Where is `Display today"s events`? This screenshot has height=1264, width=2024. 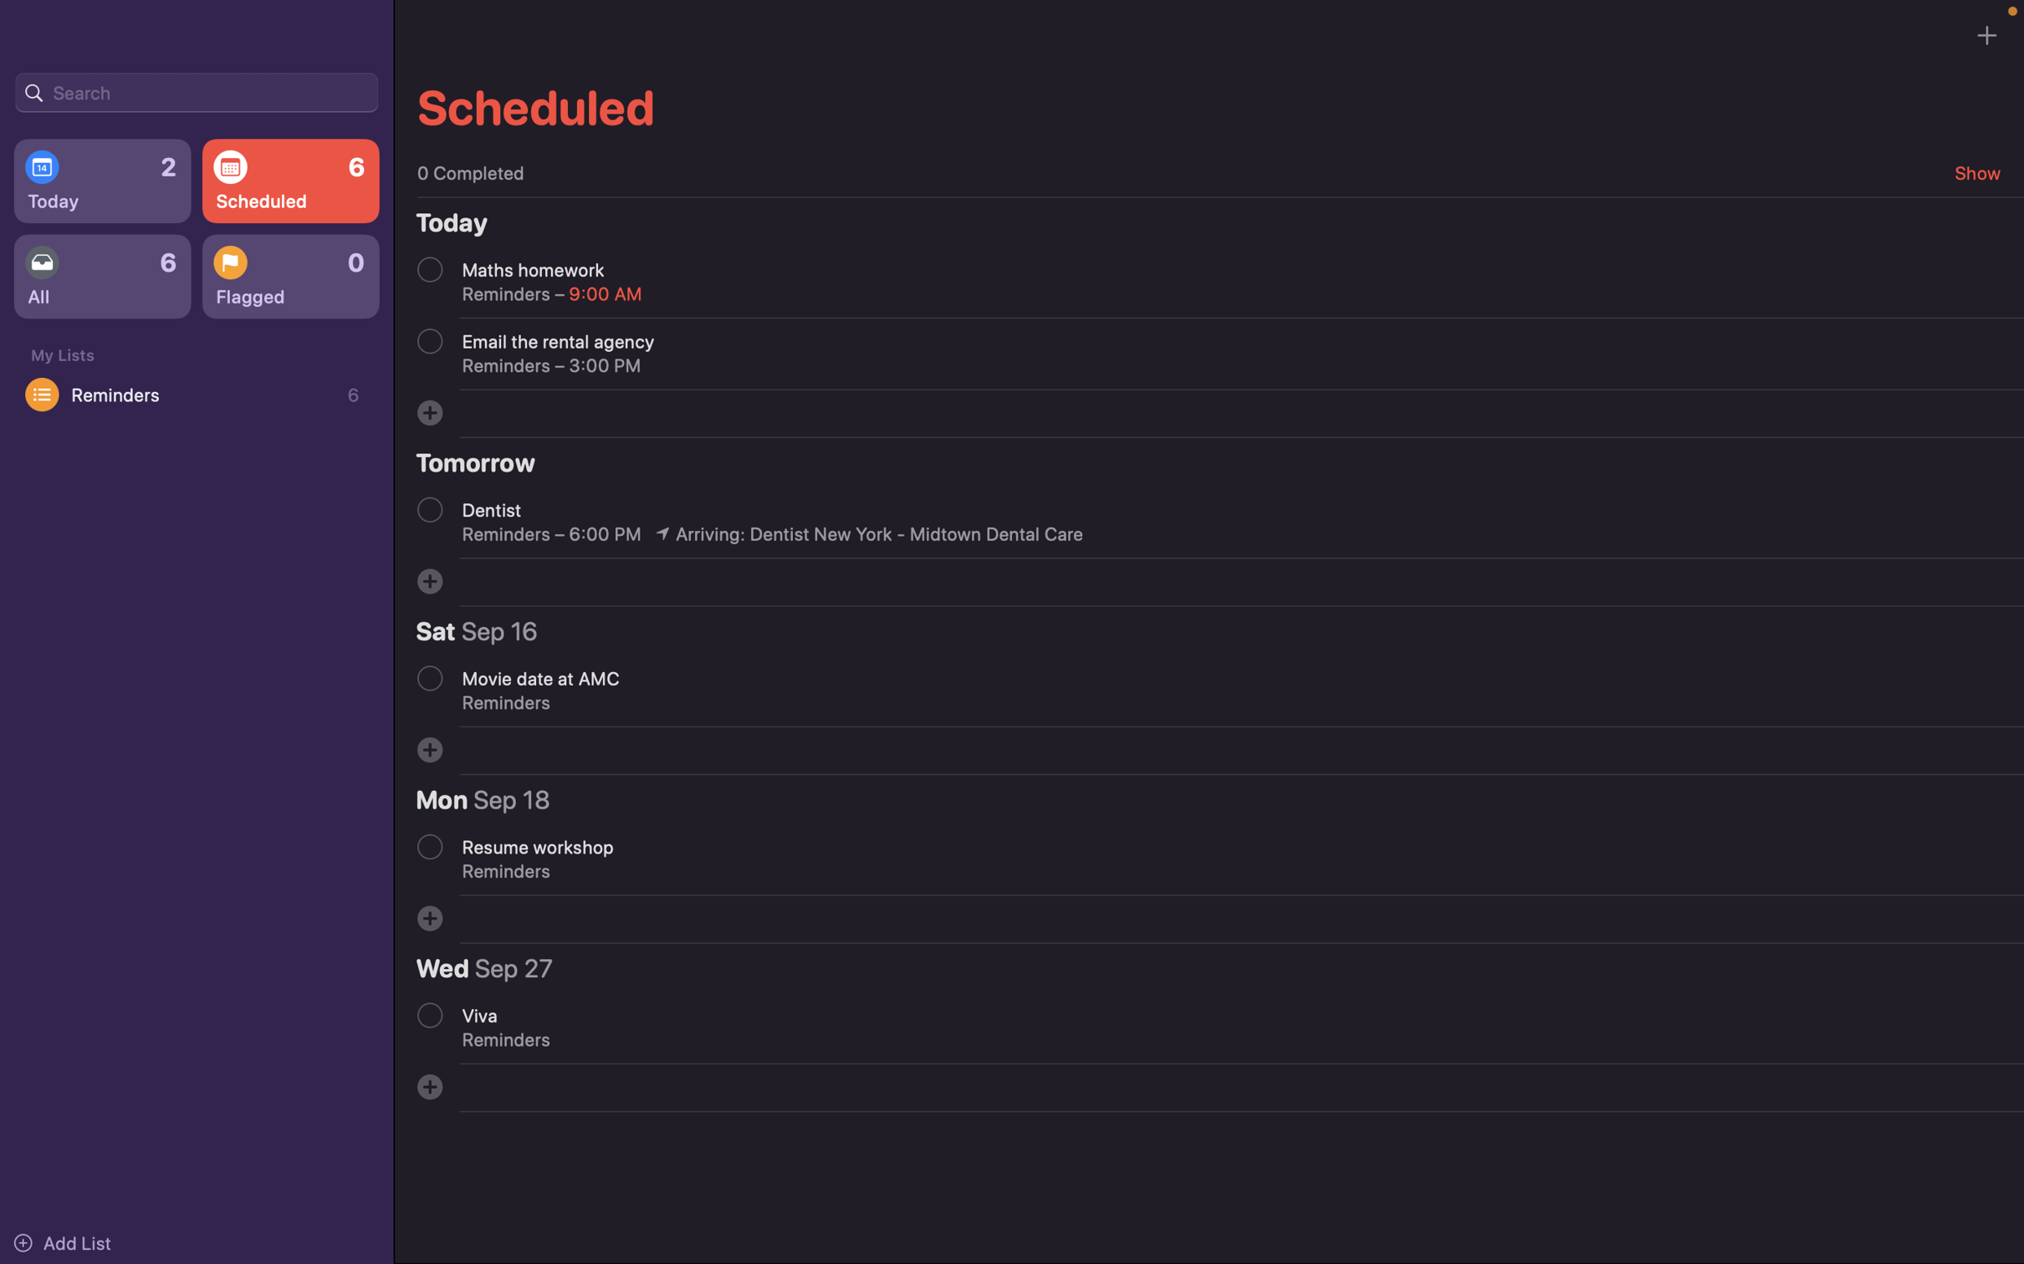 Display today"s events is located at coordinates (101, 182).